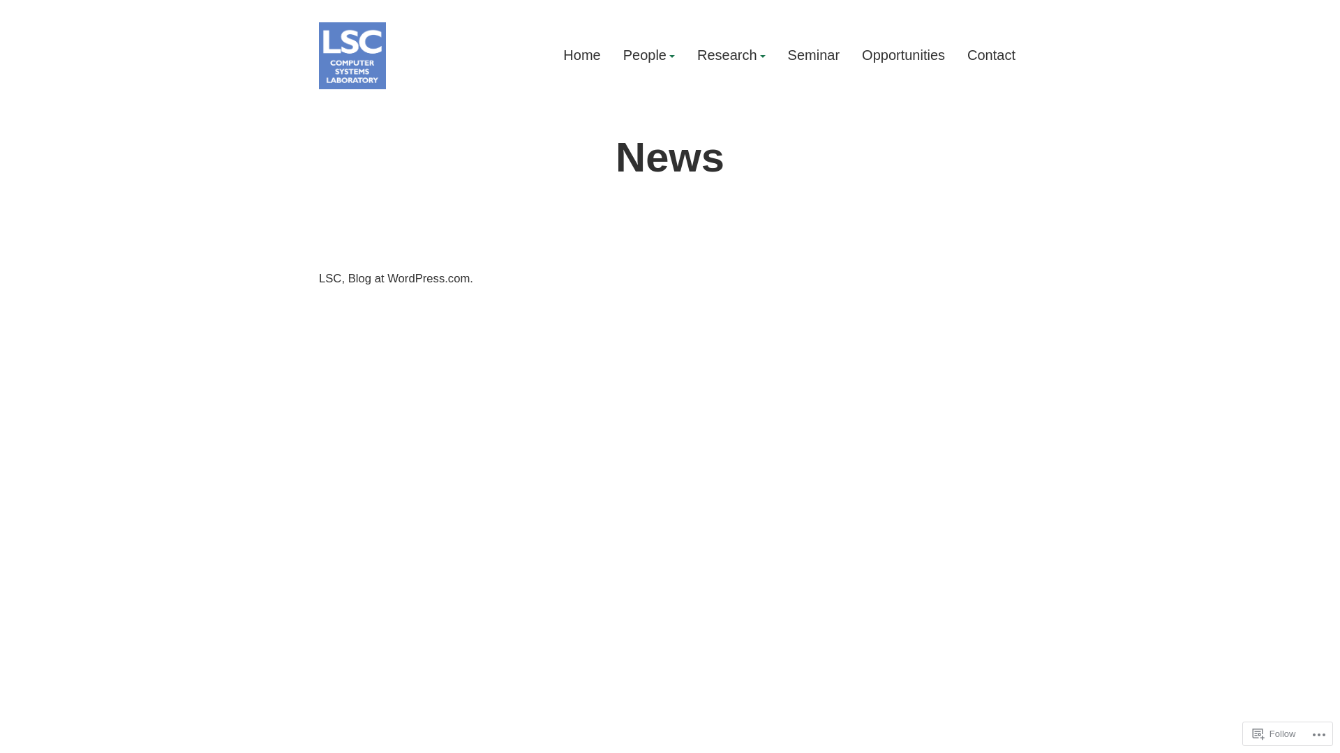  I want to click on 'Research', so click(730, 55).